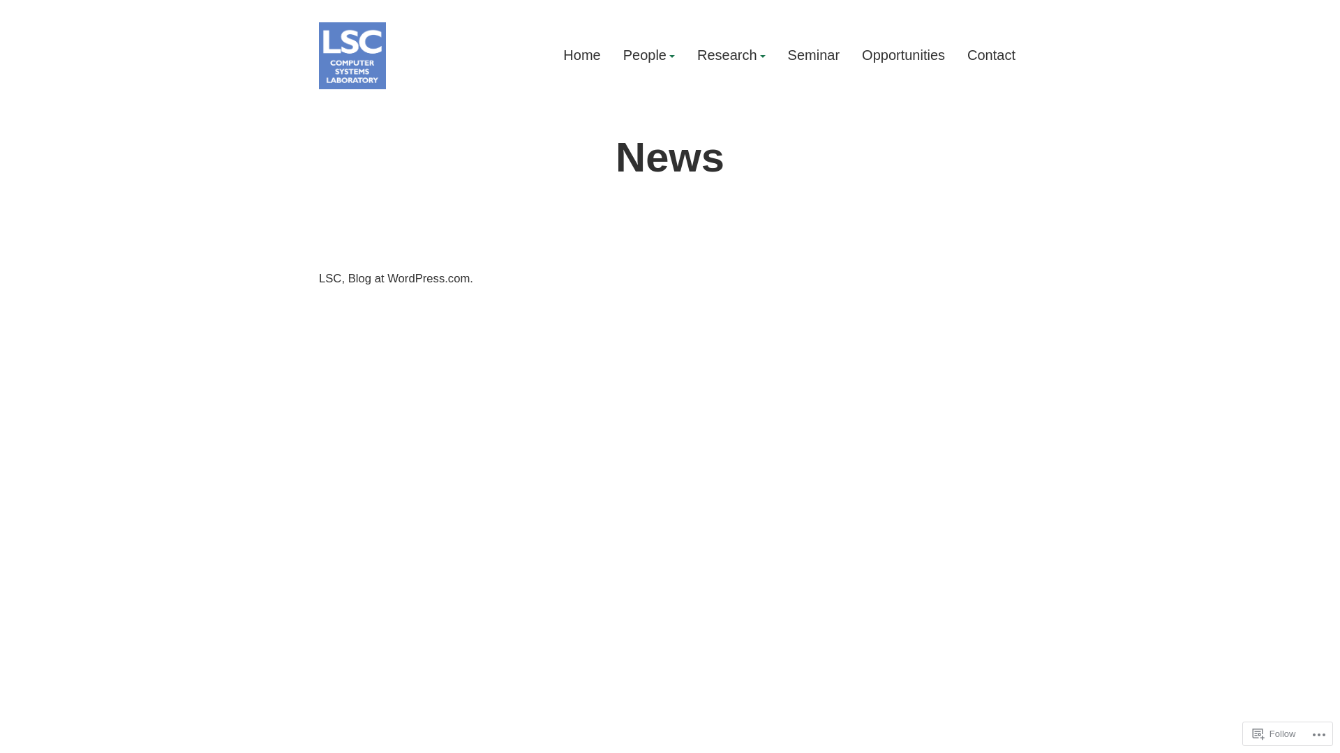  I want to click on 'Research', so click(730, 55).